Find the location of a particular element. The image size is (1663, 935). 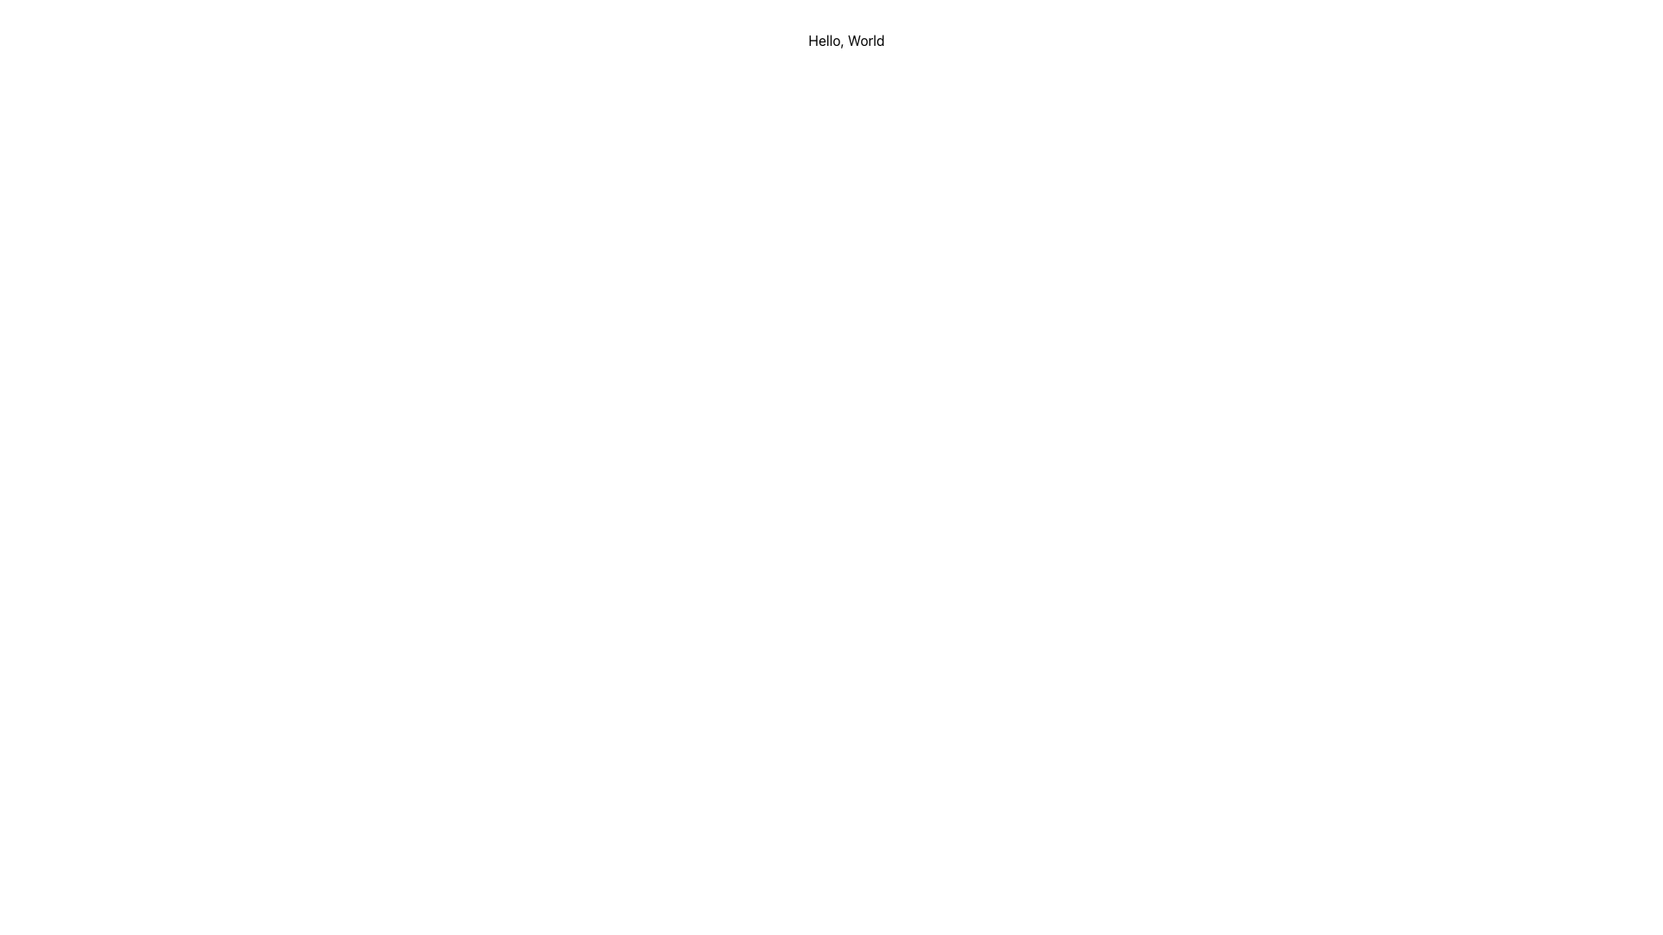

the text element displaying 'Hello, World', which is centered at the top of the interface is located at coordinates (846, 39).